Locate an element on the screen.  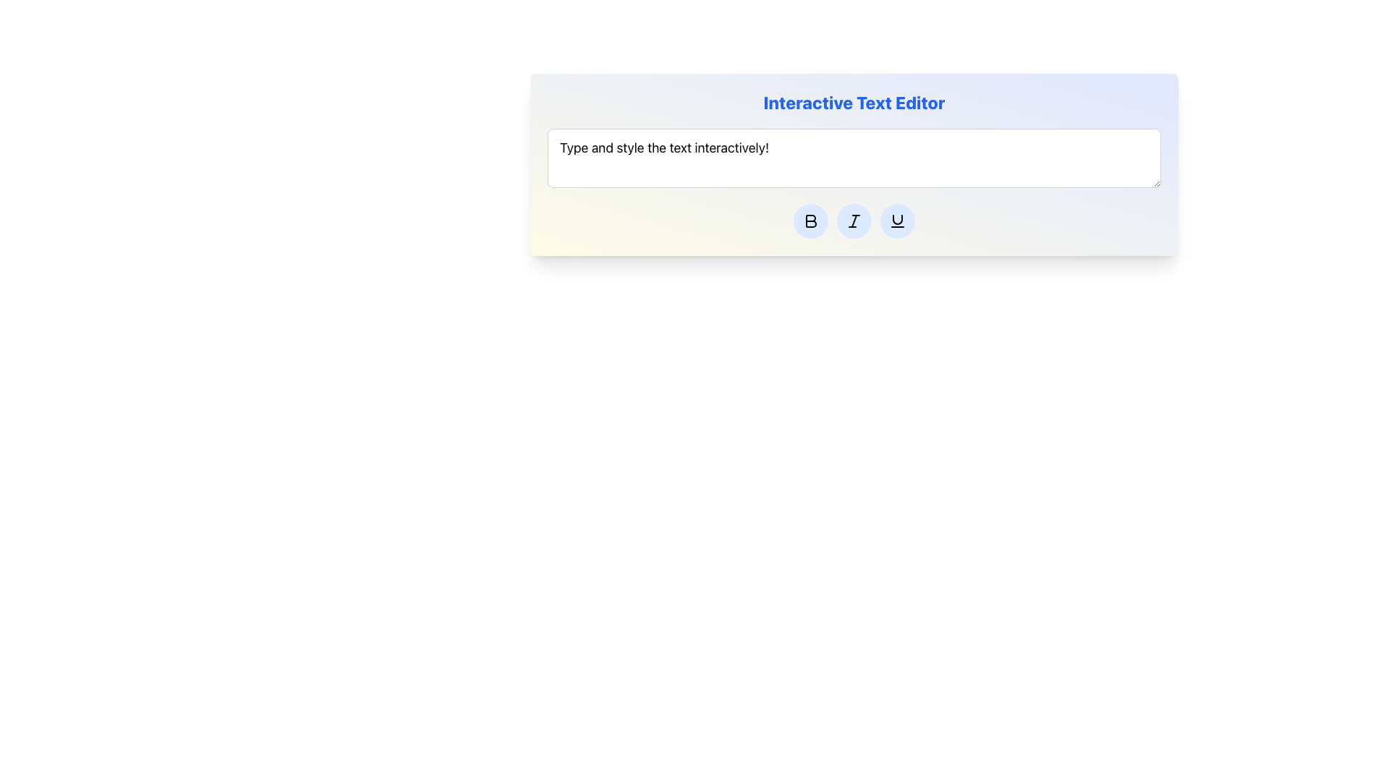
the first button in the row of three buttons below the 'Interactive Text Editor' input box is located at coordinates (811, 221).